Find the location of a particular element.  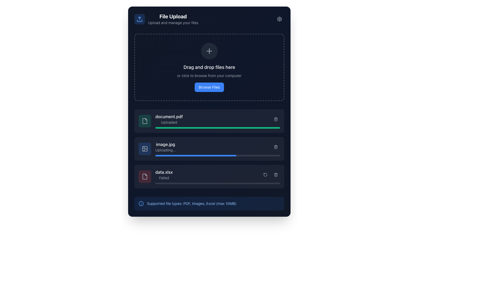

the label displaying 'image.jpg' with the status 'Uploading...' is located at coordinates (165, 147).